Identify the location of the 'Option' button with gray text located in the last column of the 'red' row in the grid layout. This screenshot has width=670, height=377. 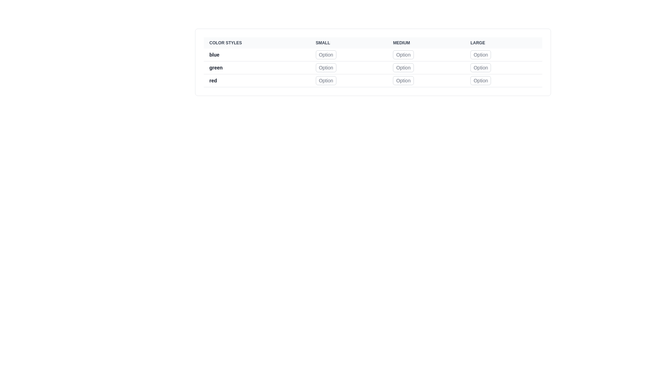
(504, 80).